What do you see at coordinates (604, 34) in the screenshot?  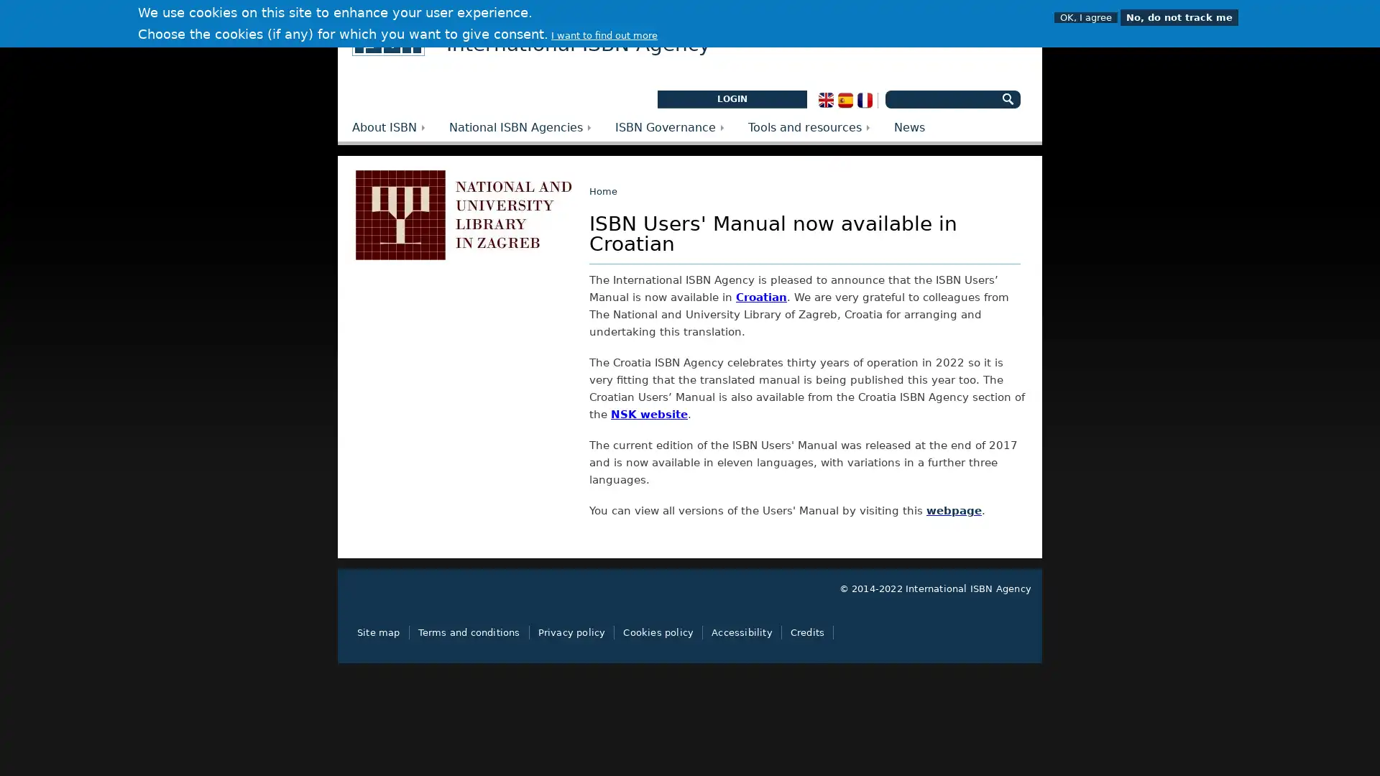 I see `I want to find out more` at bounding box center [604, 34].